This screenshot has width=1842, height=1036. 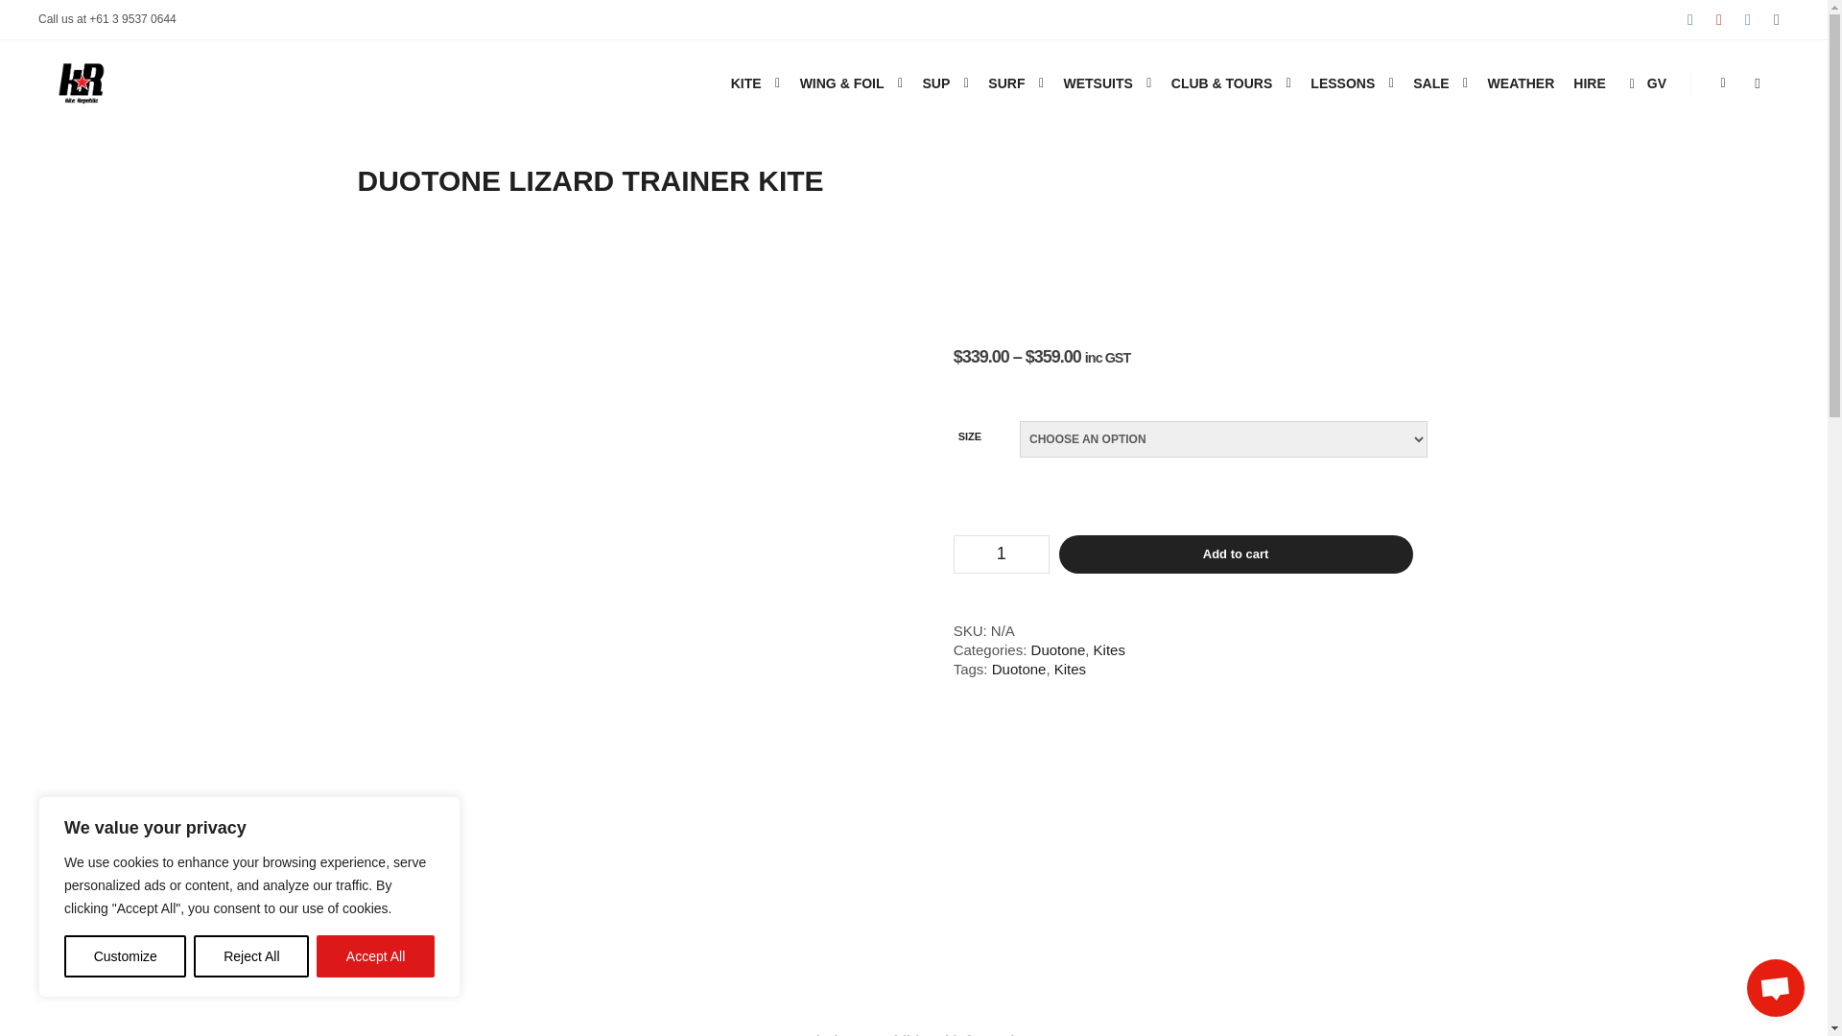 What do you see at coordinates (106, 18) in the screenshot?
I see `'Call us at +61 3 9537 0644'` at bounding box center [106, 18].